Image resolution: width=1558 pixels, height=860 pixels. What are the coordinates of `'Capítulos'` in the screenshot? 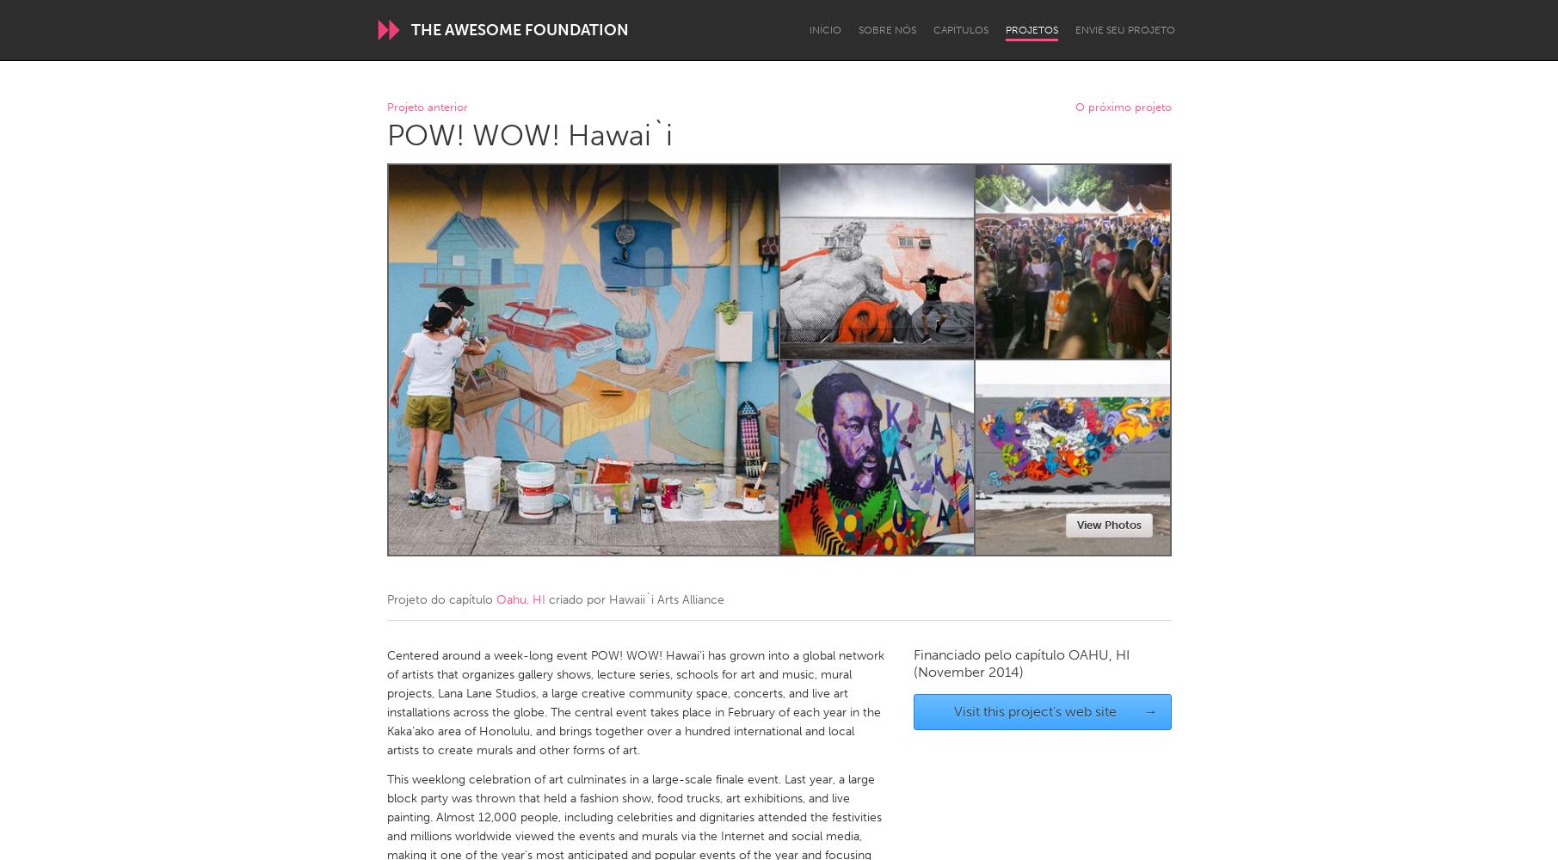 It's located at (958, 30).